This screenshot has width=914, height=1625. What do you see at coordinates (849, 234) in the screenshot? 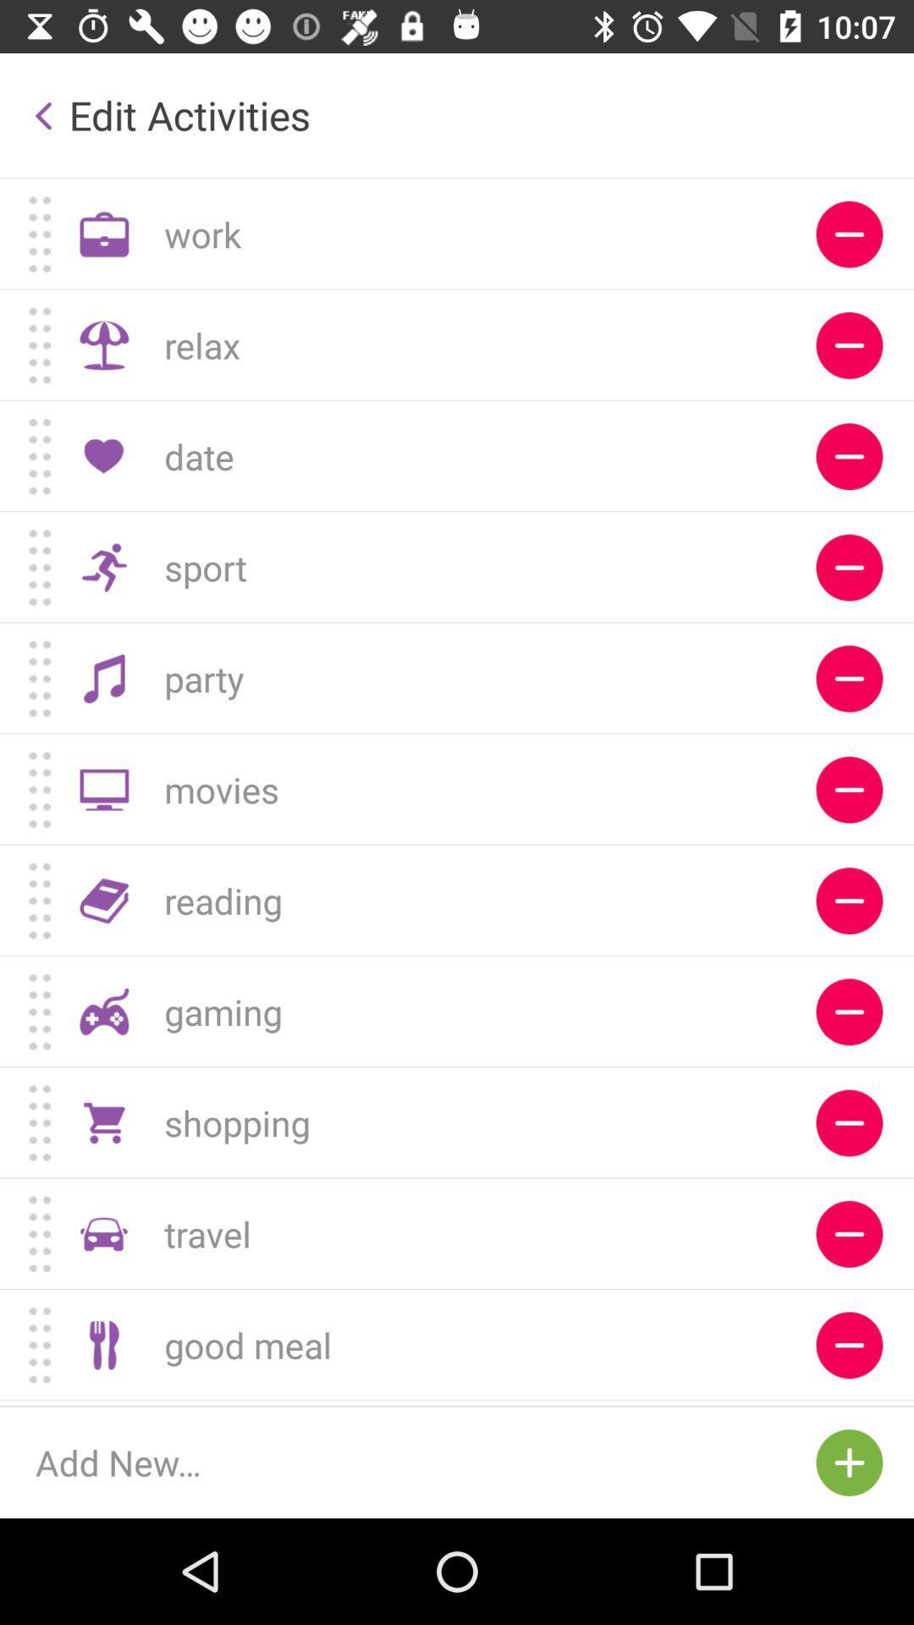
I see `delete work activity` at bounding box center [849, 234].